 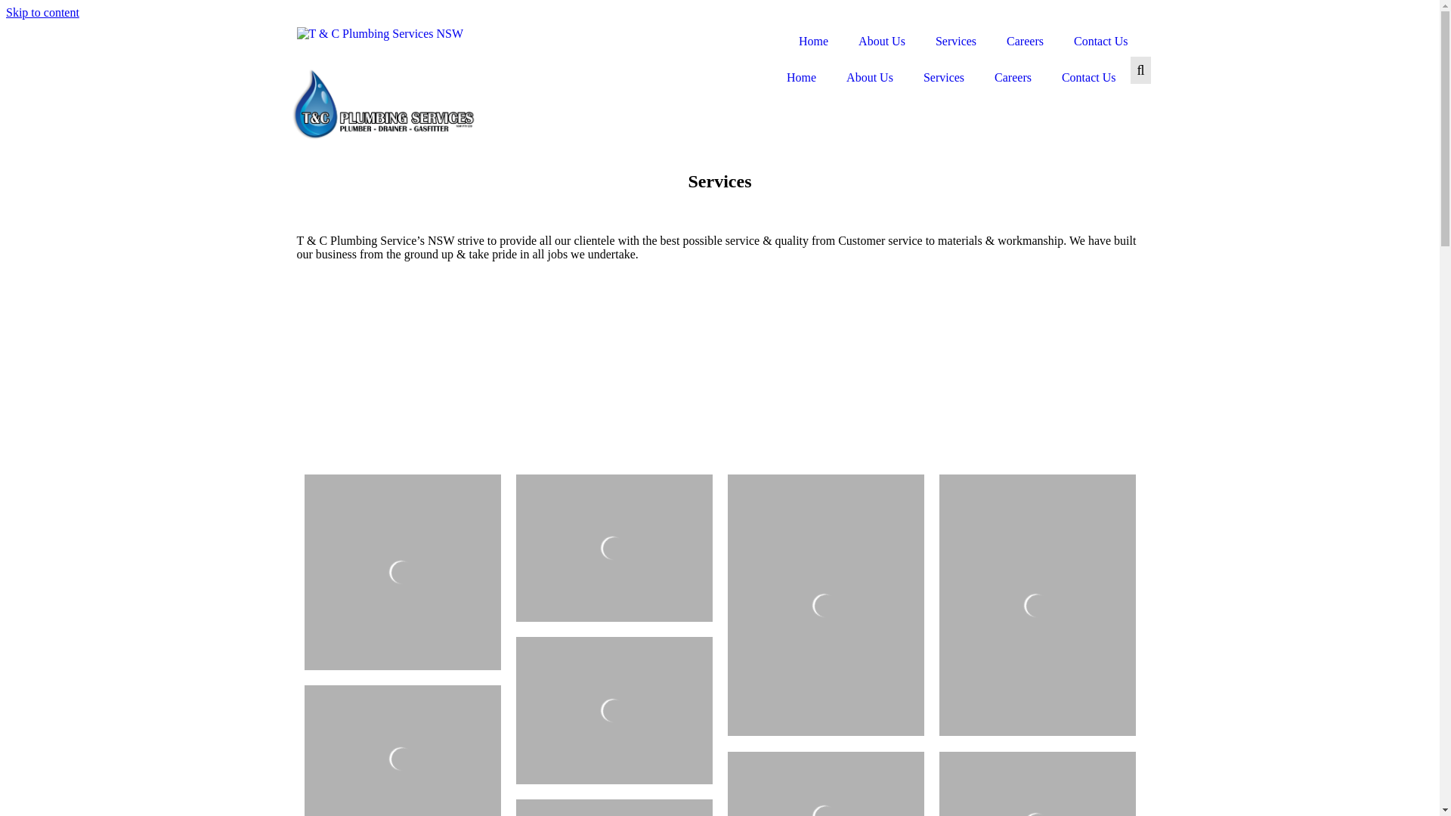 I want to click on 'Services', so click(x=955, y=40).